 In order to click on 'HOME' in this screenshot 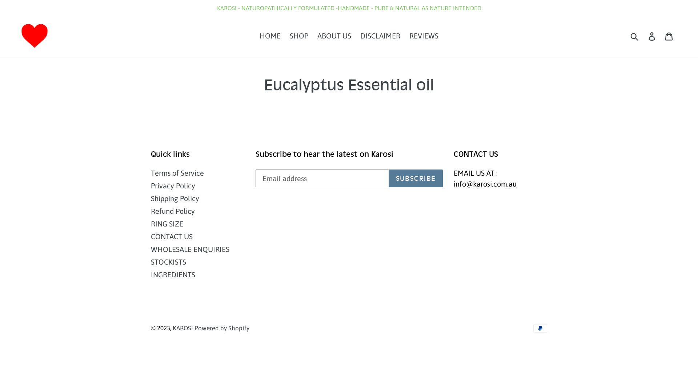, I will do `click(270, 36)`.